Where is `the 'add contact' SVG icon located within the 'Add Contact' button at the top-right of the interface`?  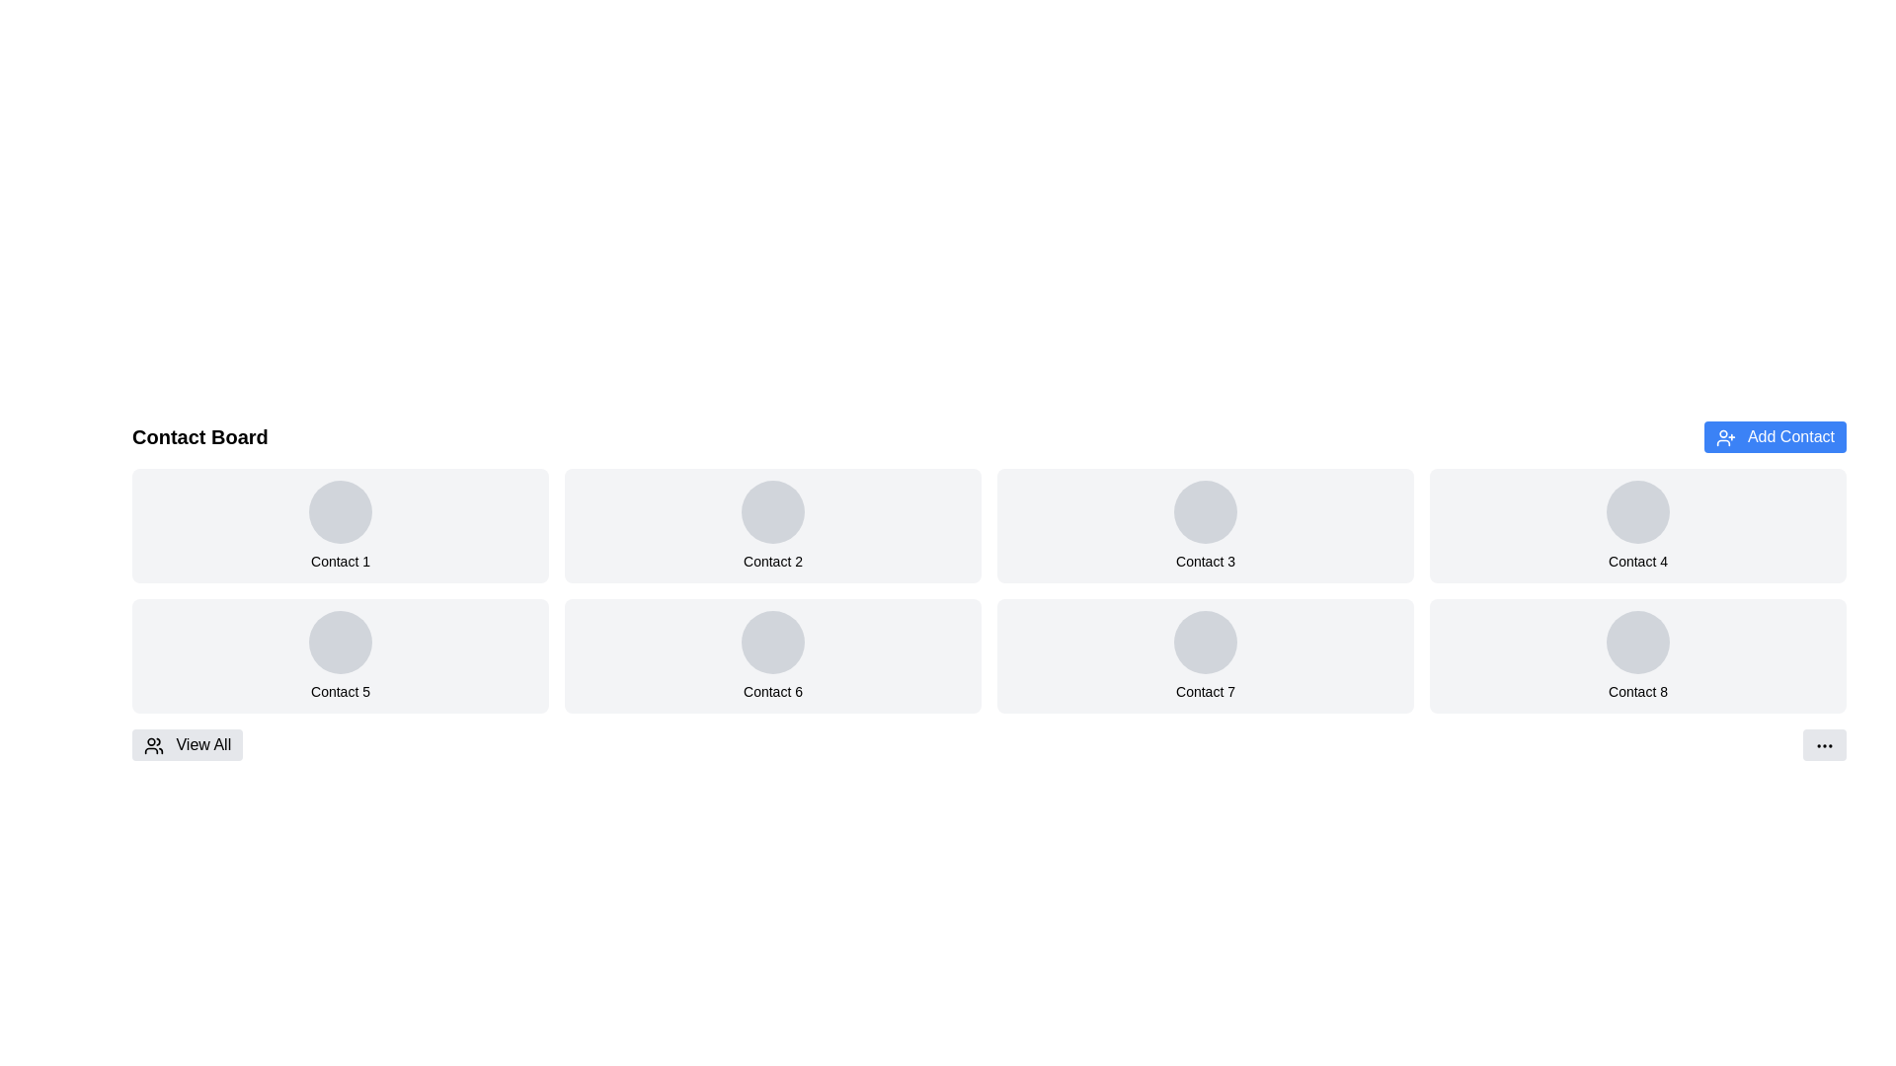
the 'add contact' SVG icon located within the 'Add Contact' button at the top-right of the interface is located at coordinates (1725, 436).